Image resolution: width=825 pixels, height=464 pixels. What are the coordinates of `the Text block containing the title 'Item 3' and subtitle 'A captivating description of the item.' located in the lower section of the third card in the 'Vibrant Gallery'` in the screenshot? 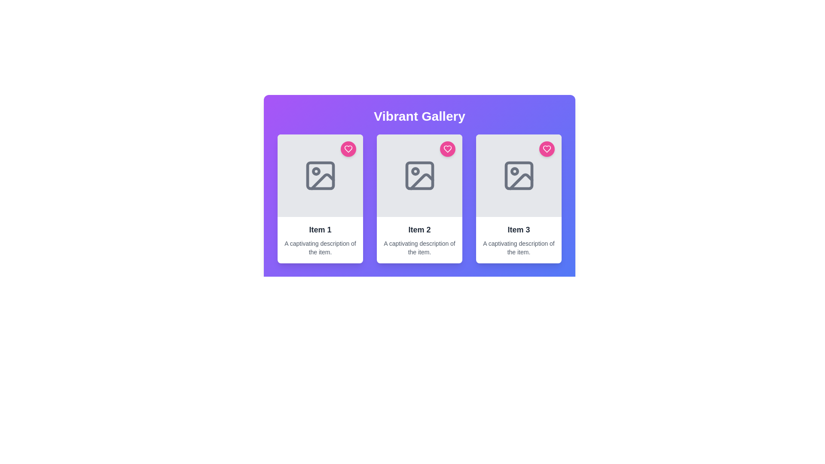 It's located at (518, 240).